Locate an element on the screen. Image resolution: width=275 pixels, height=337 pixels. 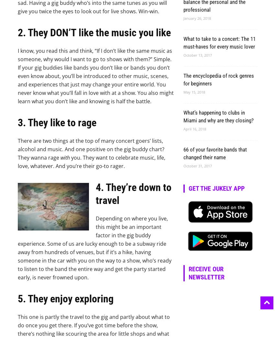
'66 of your favorite bands that changed their name' is located at coordinates (183, 153).